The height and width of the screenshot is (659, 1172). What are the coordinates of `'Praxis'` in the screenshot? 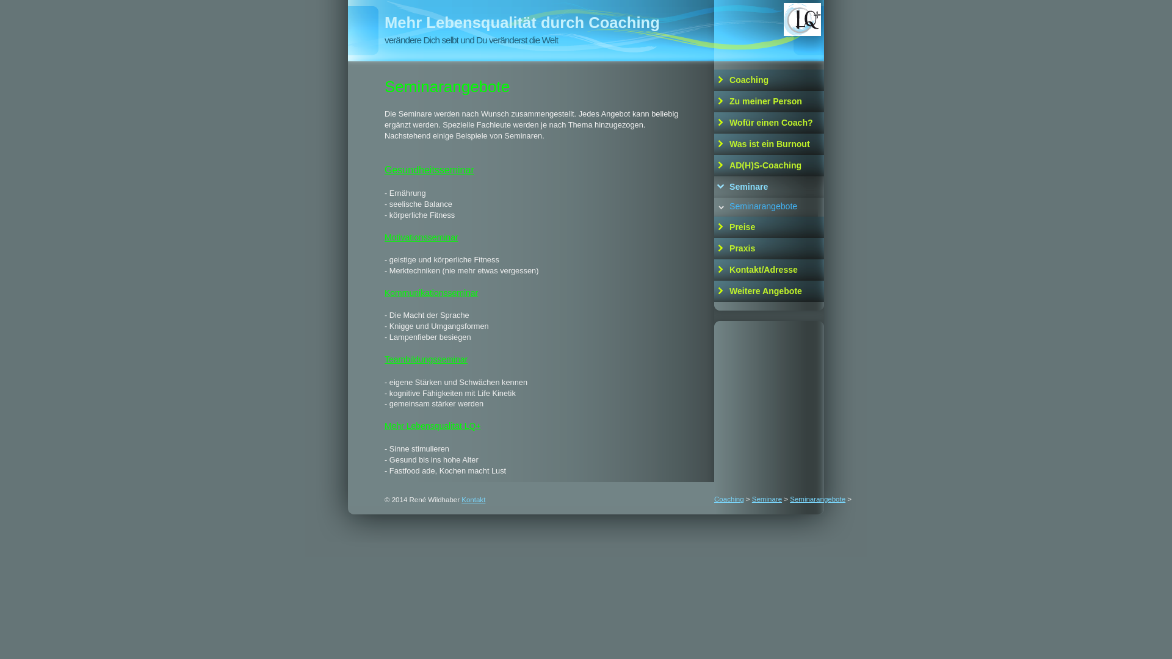 It's located at (768, 248).